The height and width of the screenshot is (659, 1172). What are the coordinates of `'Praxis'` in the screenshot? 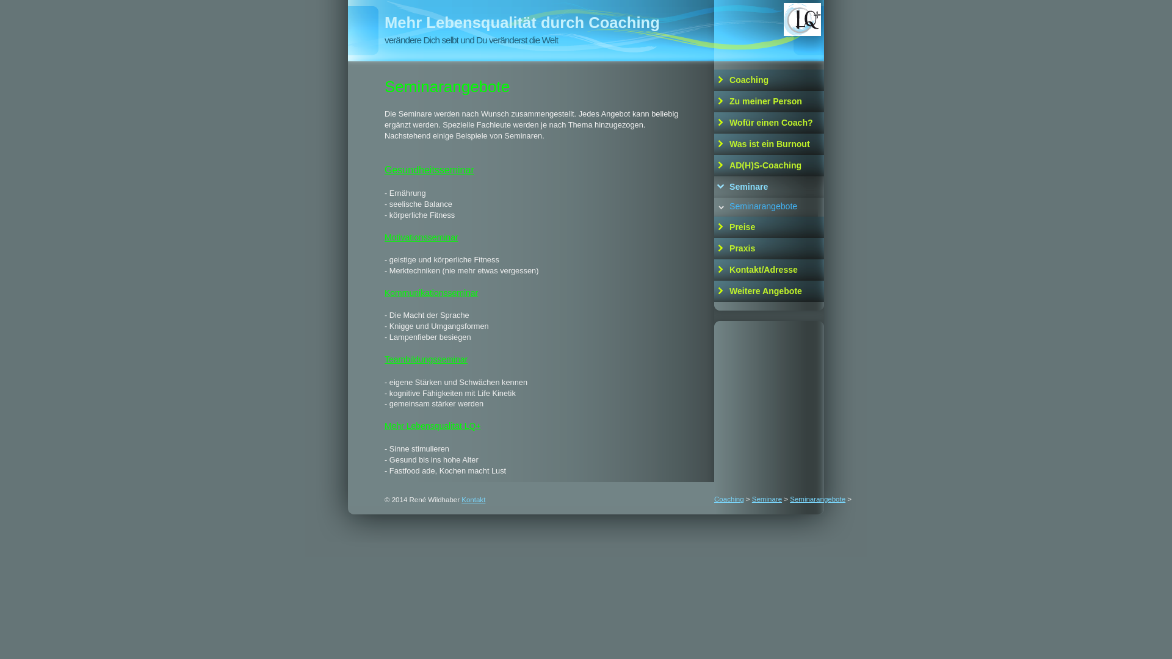 It's located at (768, 248).